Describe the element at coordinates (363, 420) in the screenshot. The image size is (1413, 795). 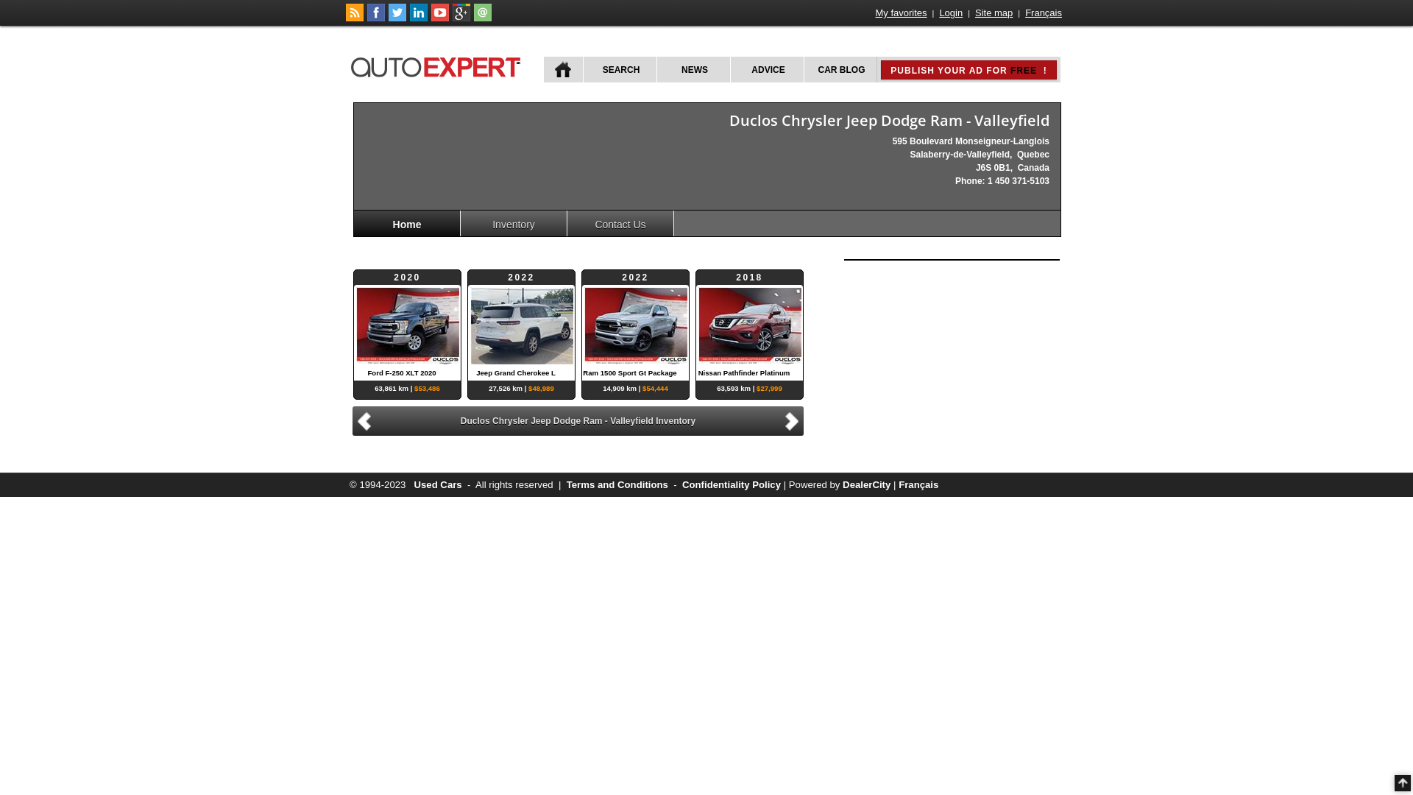
I see `'Previous'` at that location.